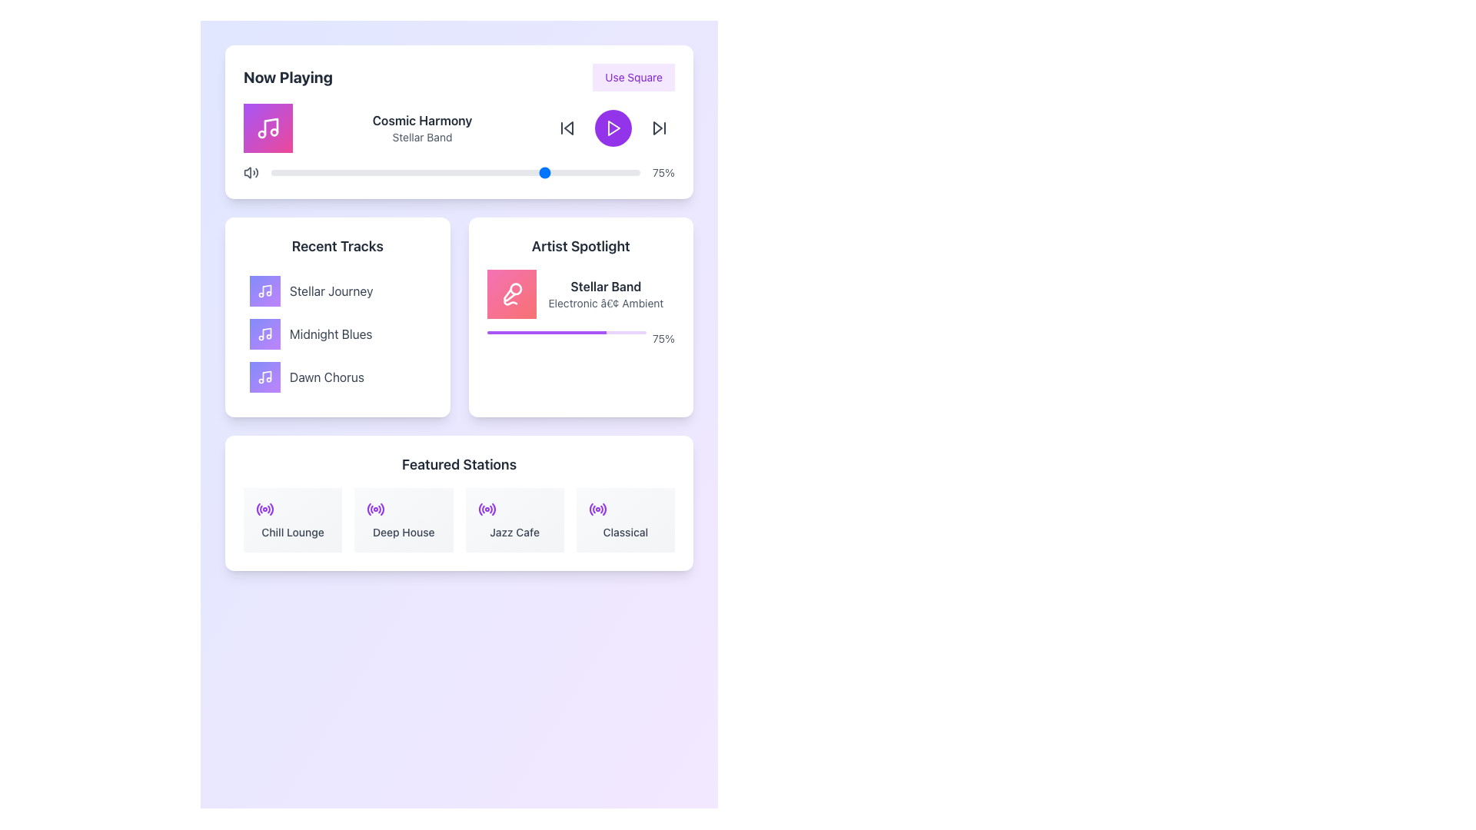 The height and width of the screenshot is (830, 1476). Describe the element at coordinates (265, 334) in the screenshot. I see `the music track icon representing 'Midnight Blues' located in the 'Recent Tracks' section` at that location.